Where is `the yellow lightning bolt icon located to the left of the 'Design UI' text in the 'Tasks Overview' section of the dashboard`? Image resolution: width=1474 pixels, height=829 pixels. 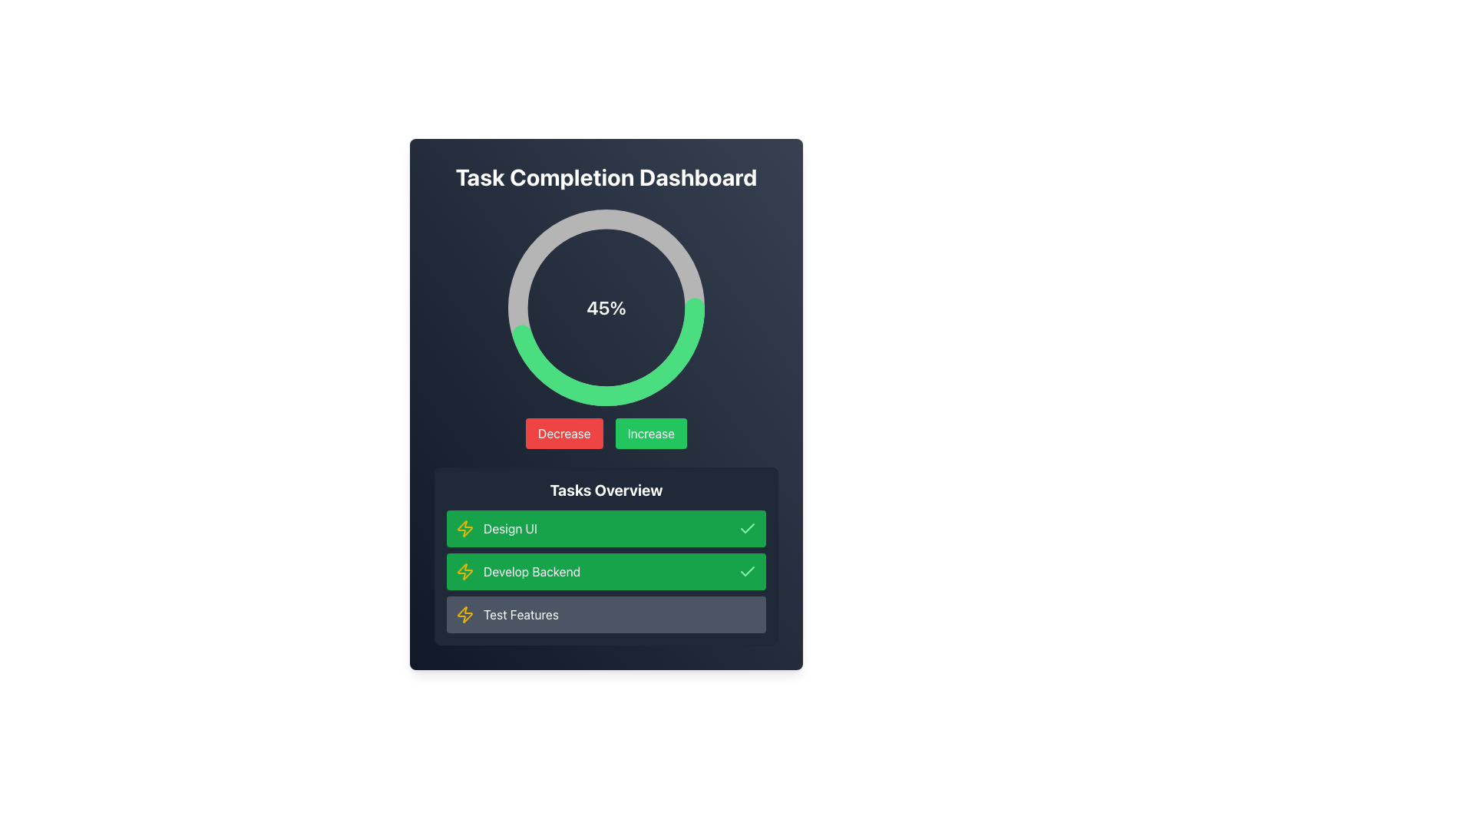
the yellow lightning bolt icon located to the left of the 'Design UI' text in the 'Tasks Overview' section of the dashboard is located at coordinates (464, 528).